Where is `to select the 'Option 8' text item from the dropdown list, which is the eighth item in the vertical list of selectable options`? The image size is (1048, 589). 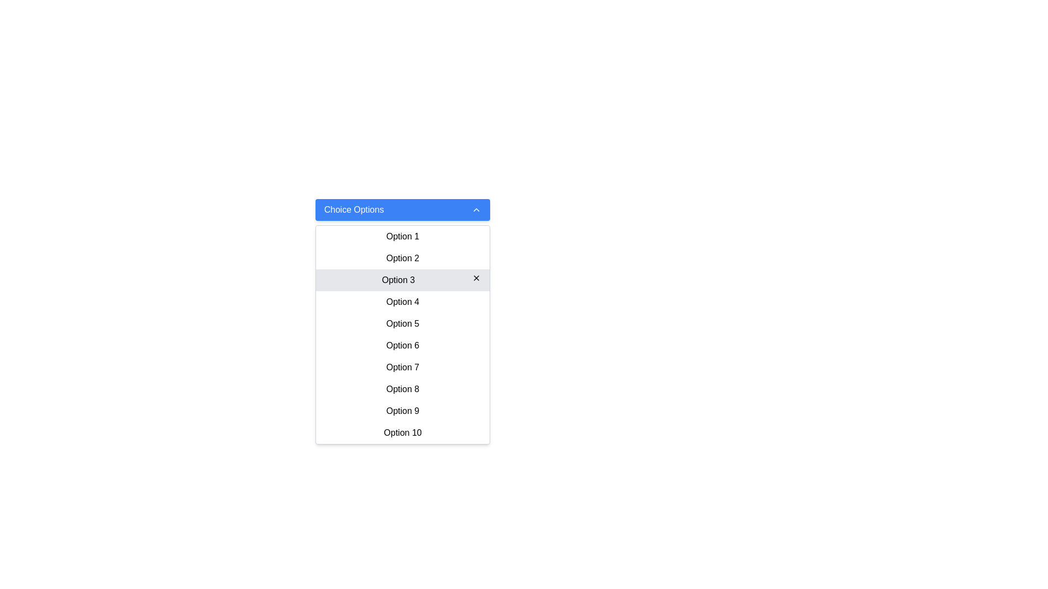
to select the 'Option 8' text item from the dropdown list, which is the eighth item in the vertical list of selectable options is located at coordinates (402, 388).